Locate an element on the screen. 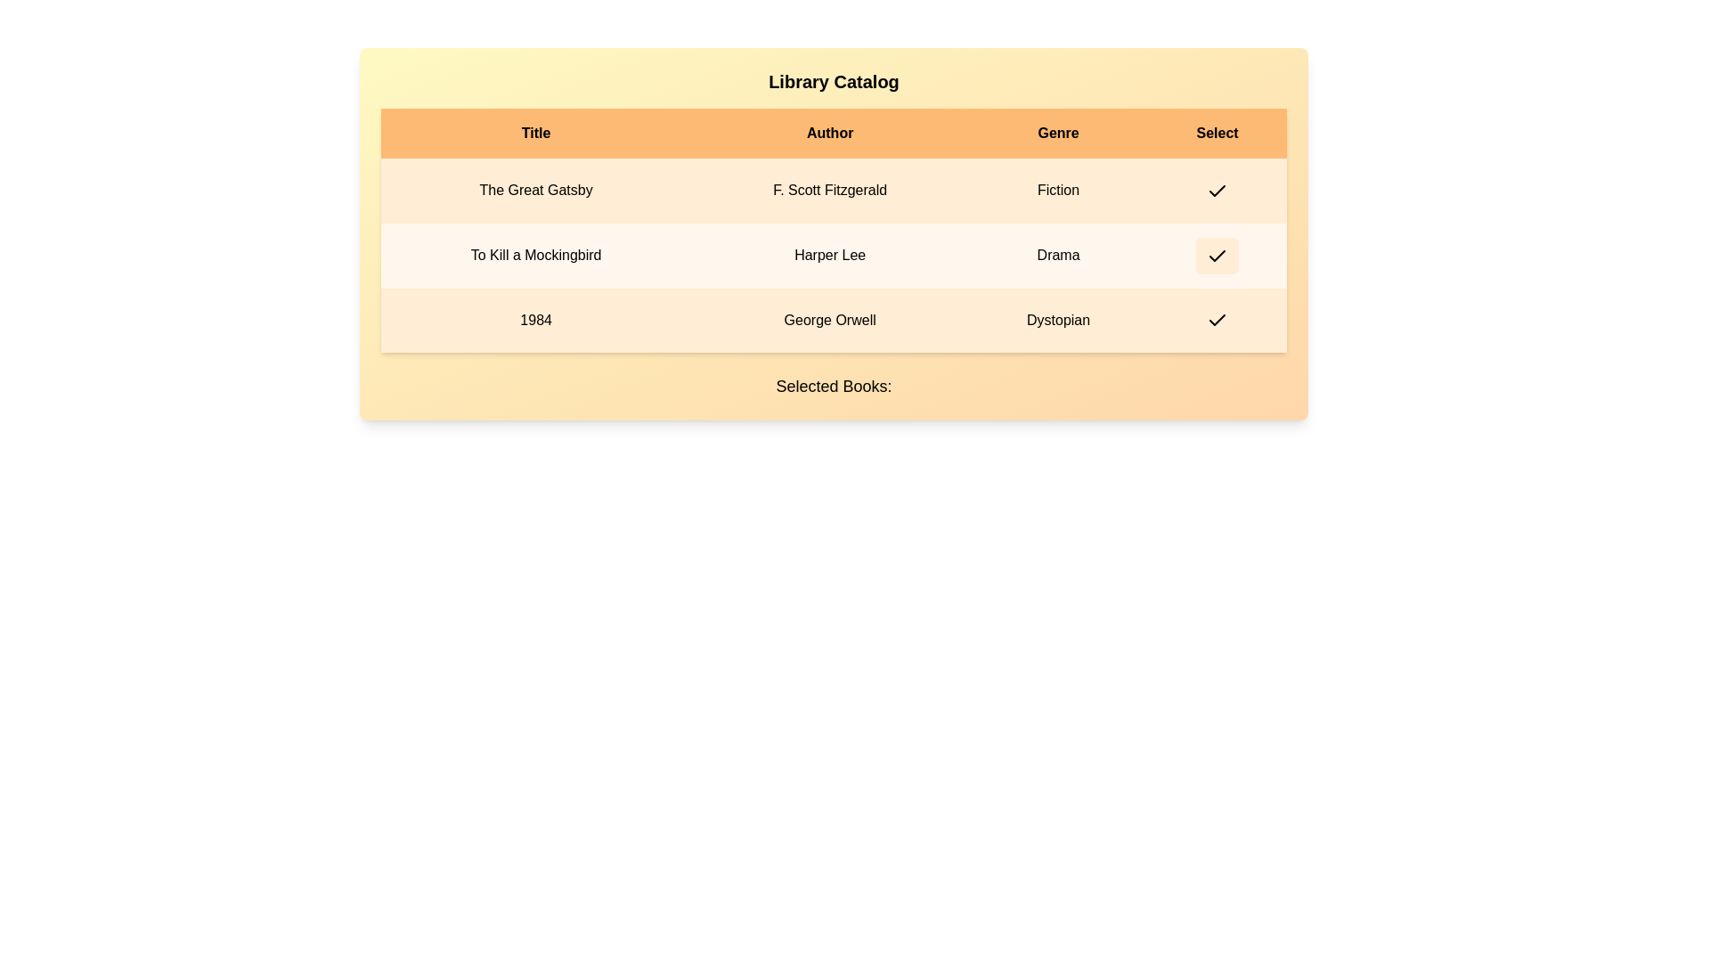 The width and height of the screenshot is (1710, 962). the checkmark icon in the fourth column of the last row of the grid table is located at coordinates (1217, 319).